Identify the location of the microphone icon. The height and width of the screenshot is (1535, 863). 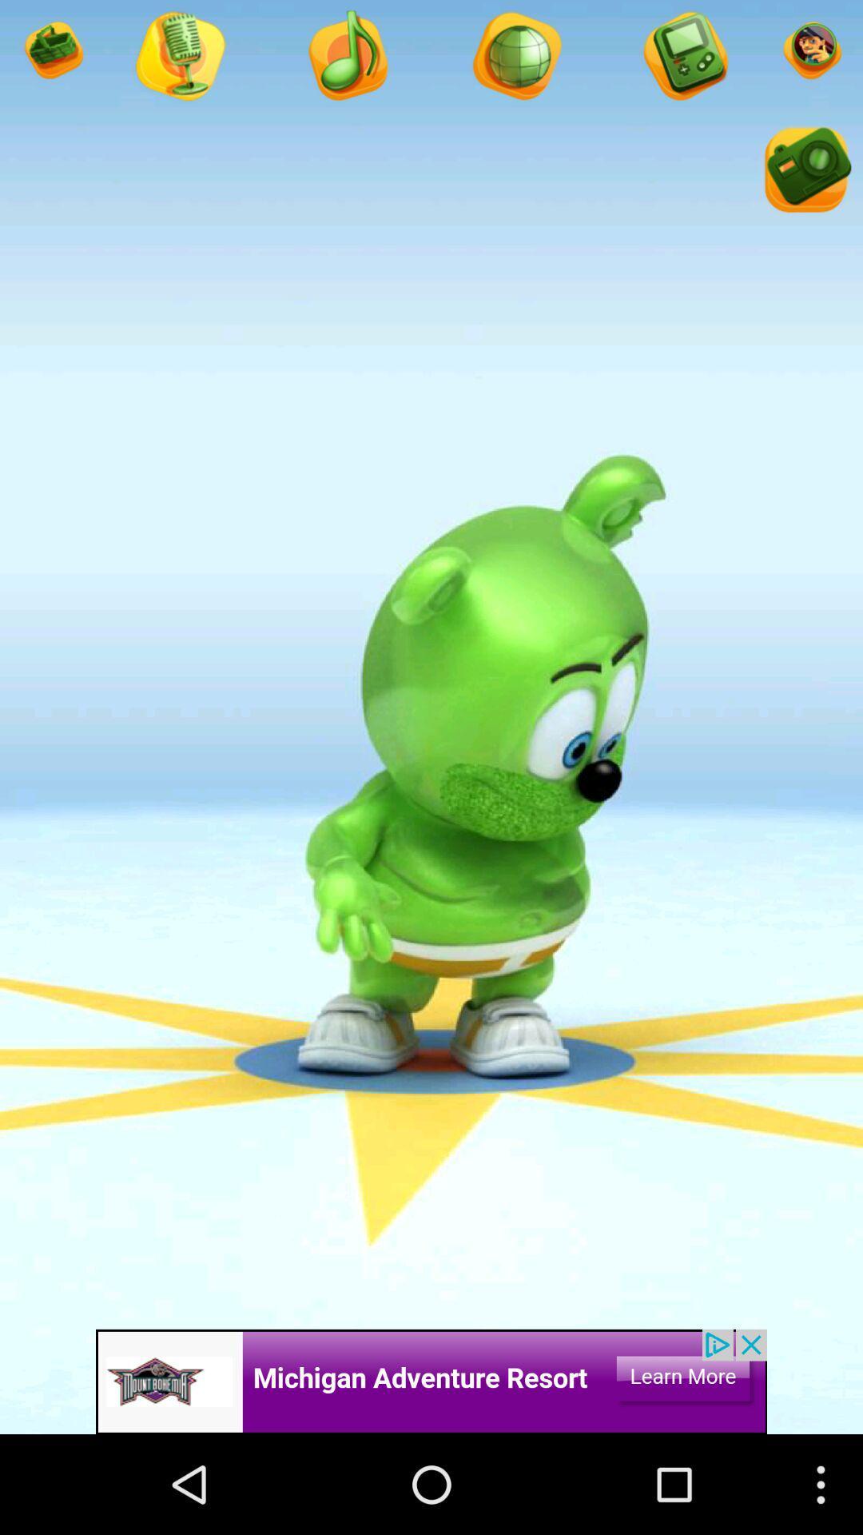
(515, 62).